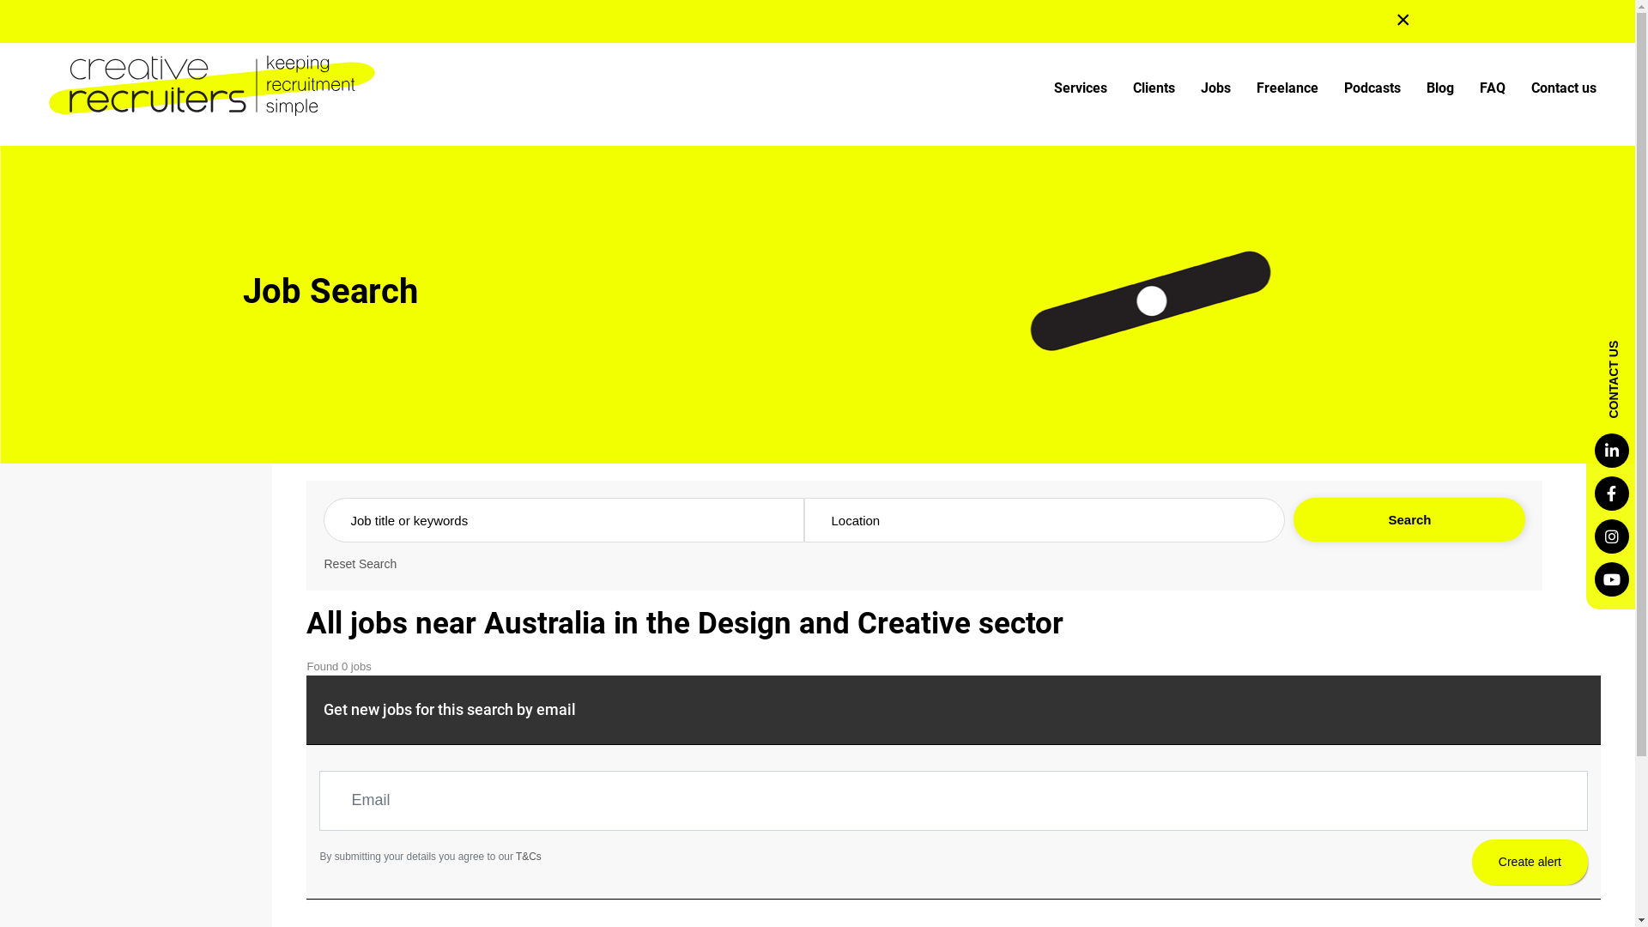 This screenshot has width=1648, height=927. Describe the element at coordinates (1610, 493) in the screenshot. I see `'Facebook'` at that location.